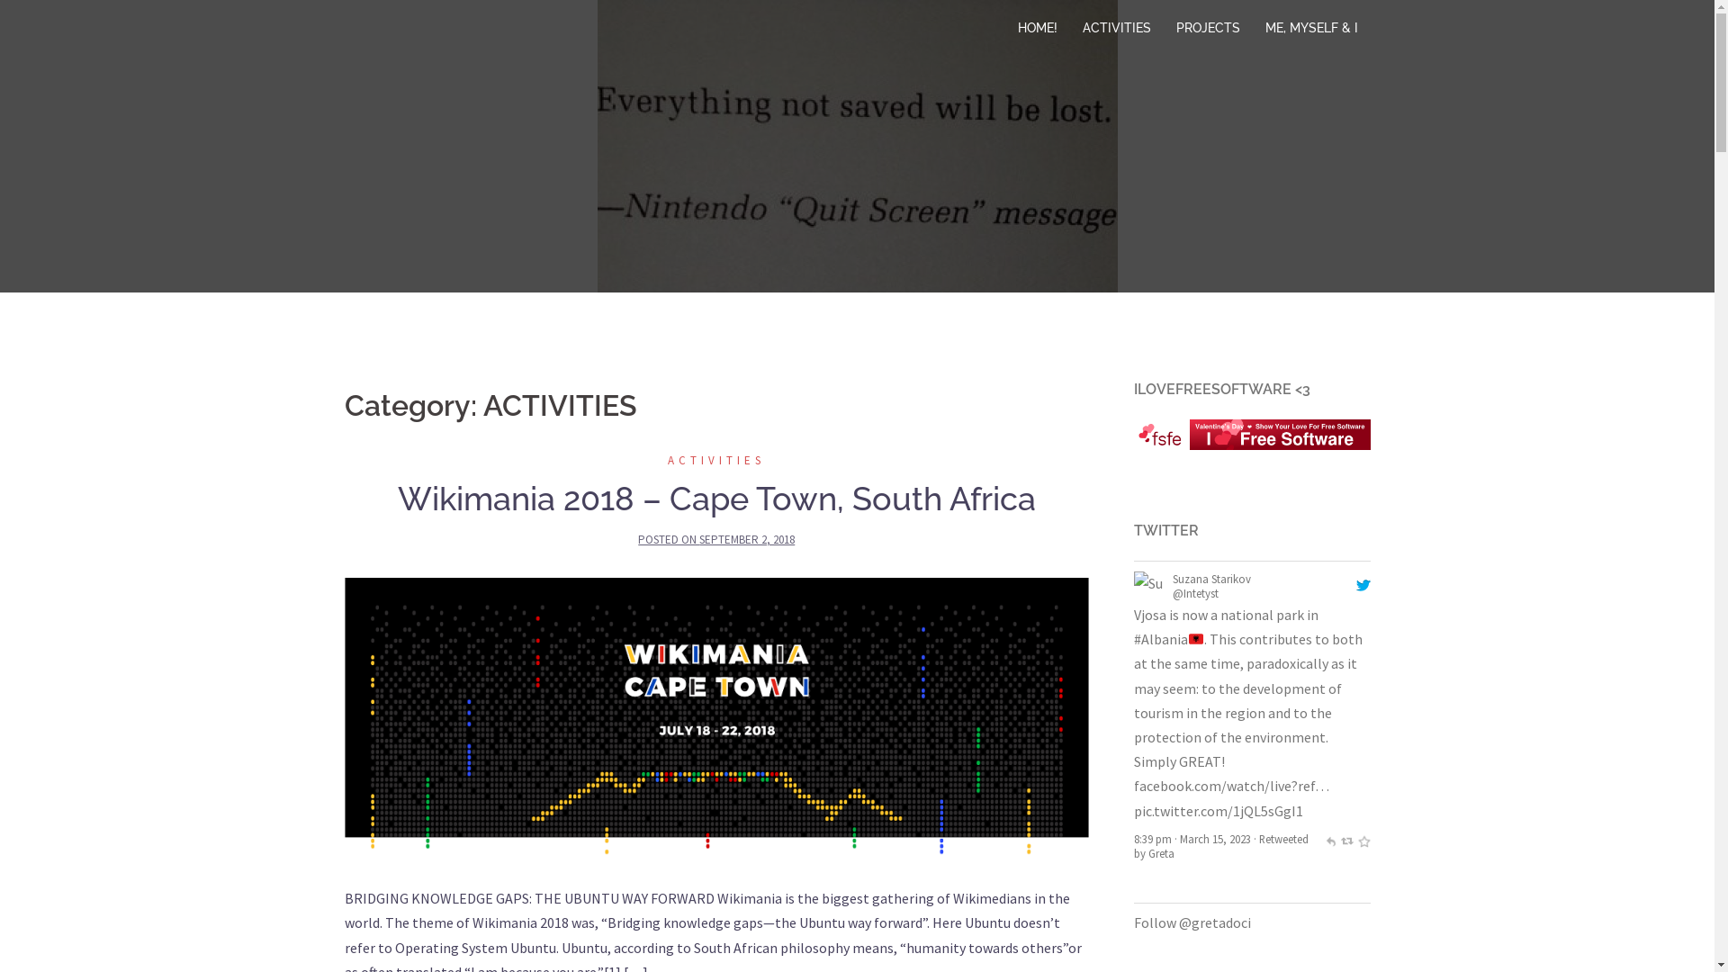 The width and height of the screenshot is (1728, 972). I want to click on 'ACTIVITIES', so click(1114, 28).